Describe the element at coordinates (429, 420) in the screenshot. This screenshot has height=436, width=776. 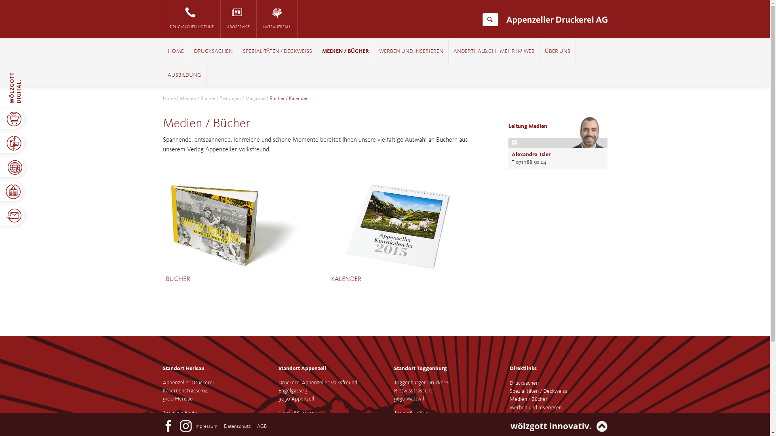
I see `'info@toggenburgerdruckerei.ch'` at that location.